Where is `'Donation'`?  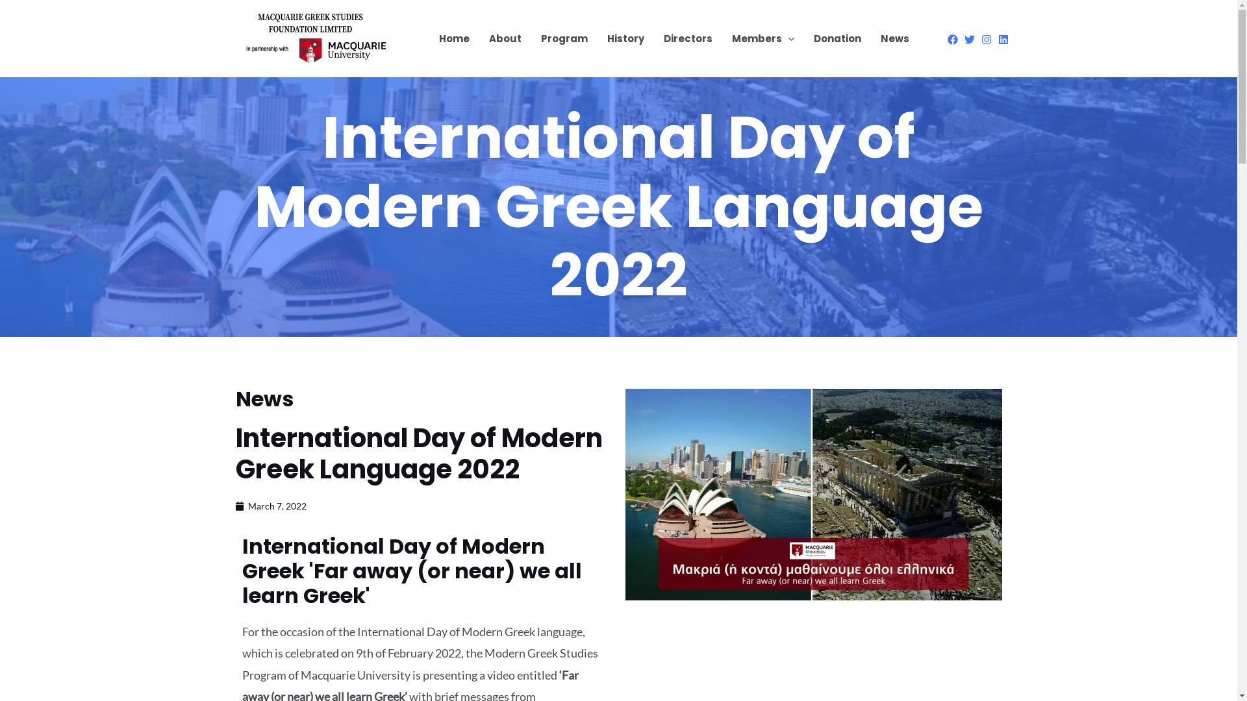 'Donation' is located at coordinates (837, 38).